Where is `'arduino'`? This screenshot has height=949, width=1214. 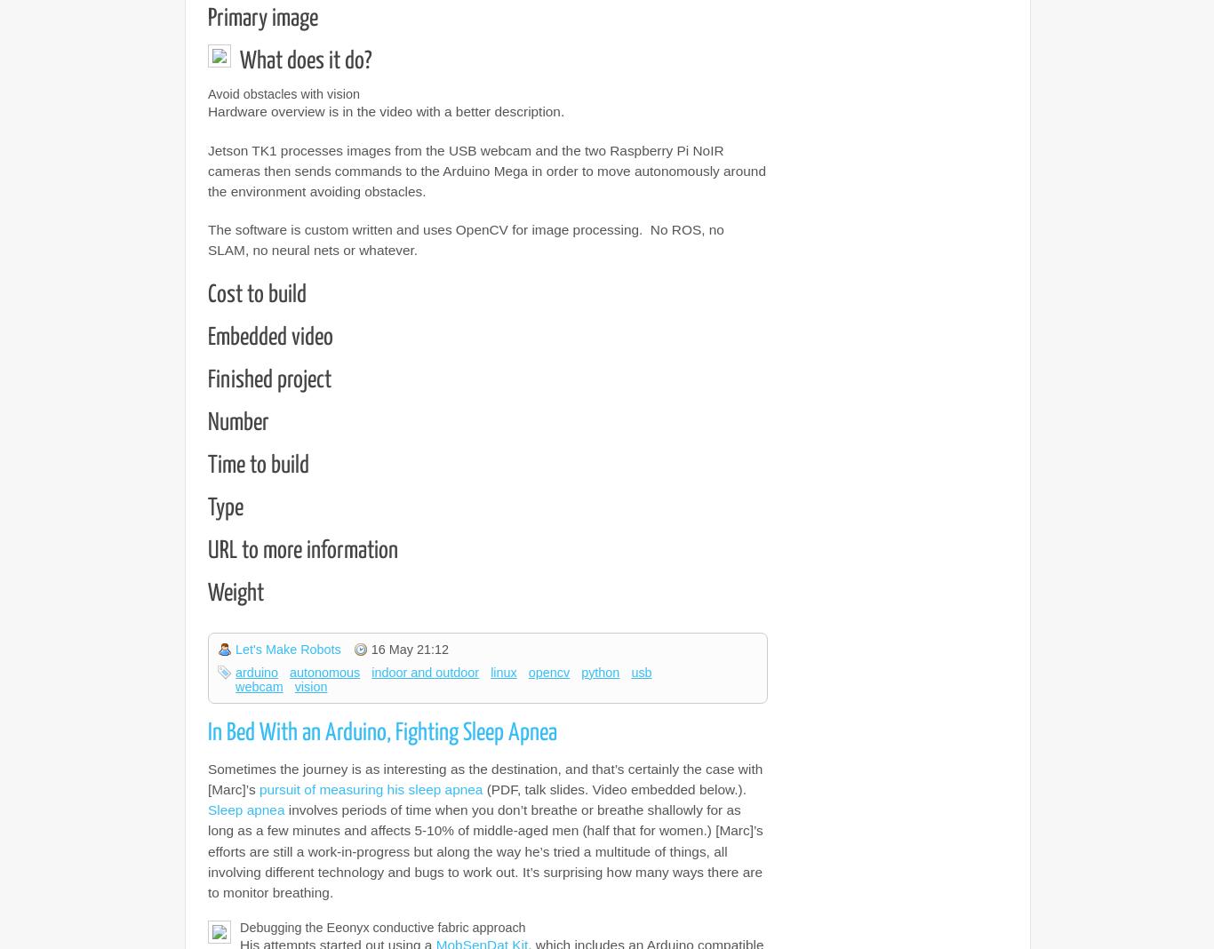 'arduino' is located at coordinates (257, 672).